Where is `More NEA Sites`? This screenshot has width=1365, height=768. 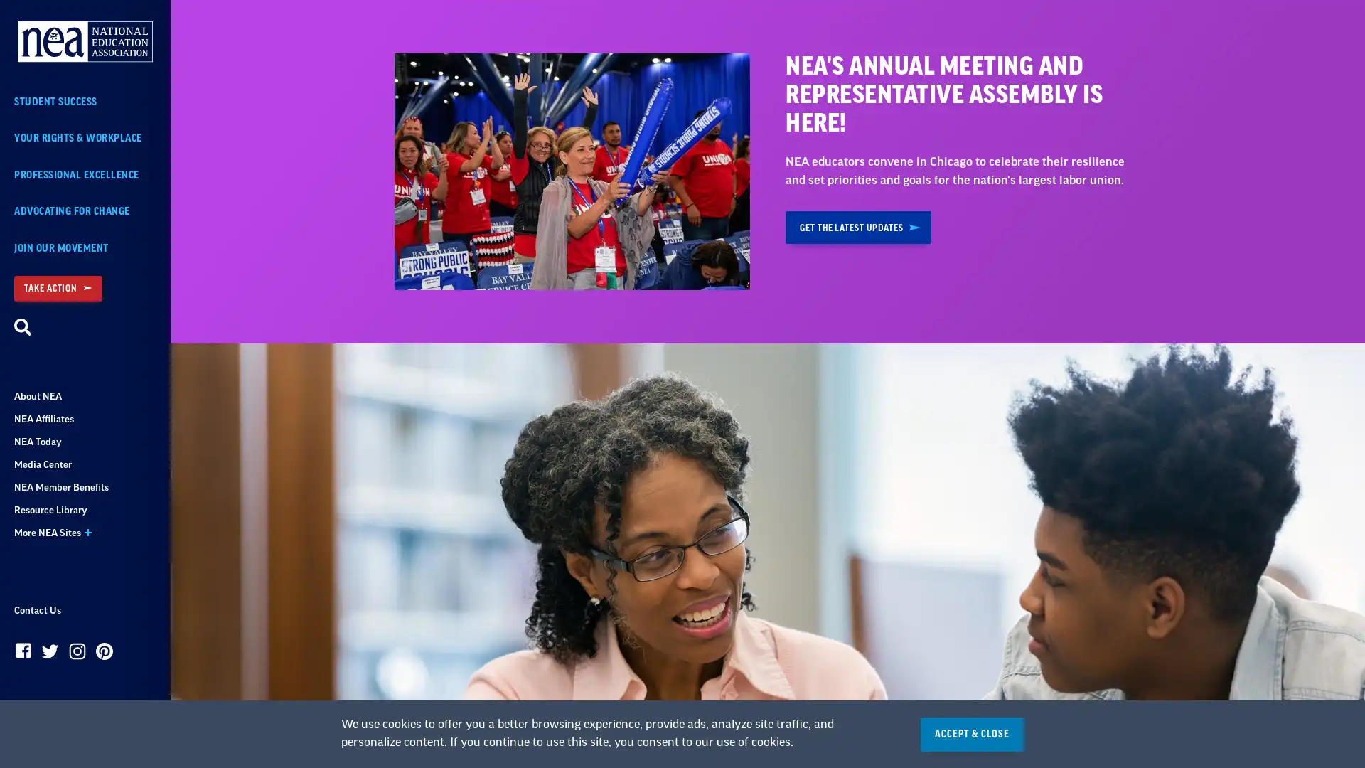 More NEA Sites is located at coordinates (85, 533).